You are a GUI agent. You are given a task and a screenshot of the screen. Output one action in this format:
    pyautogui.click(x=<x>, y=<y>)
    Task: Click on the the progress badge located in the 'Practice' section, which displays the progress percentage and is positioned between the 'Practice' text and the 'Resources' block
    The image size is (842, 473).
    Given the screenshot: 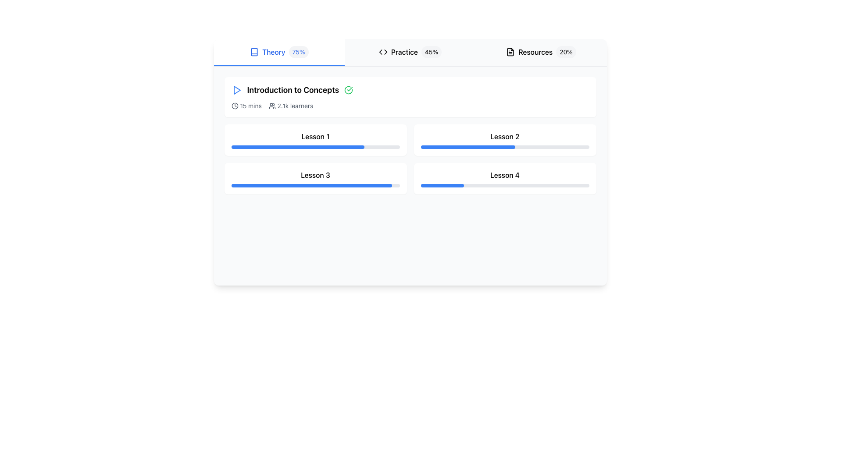 What is the action you would take?
    pyautogui.click(x=431, y=52)
    